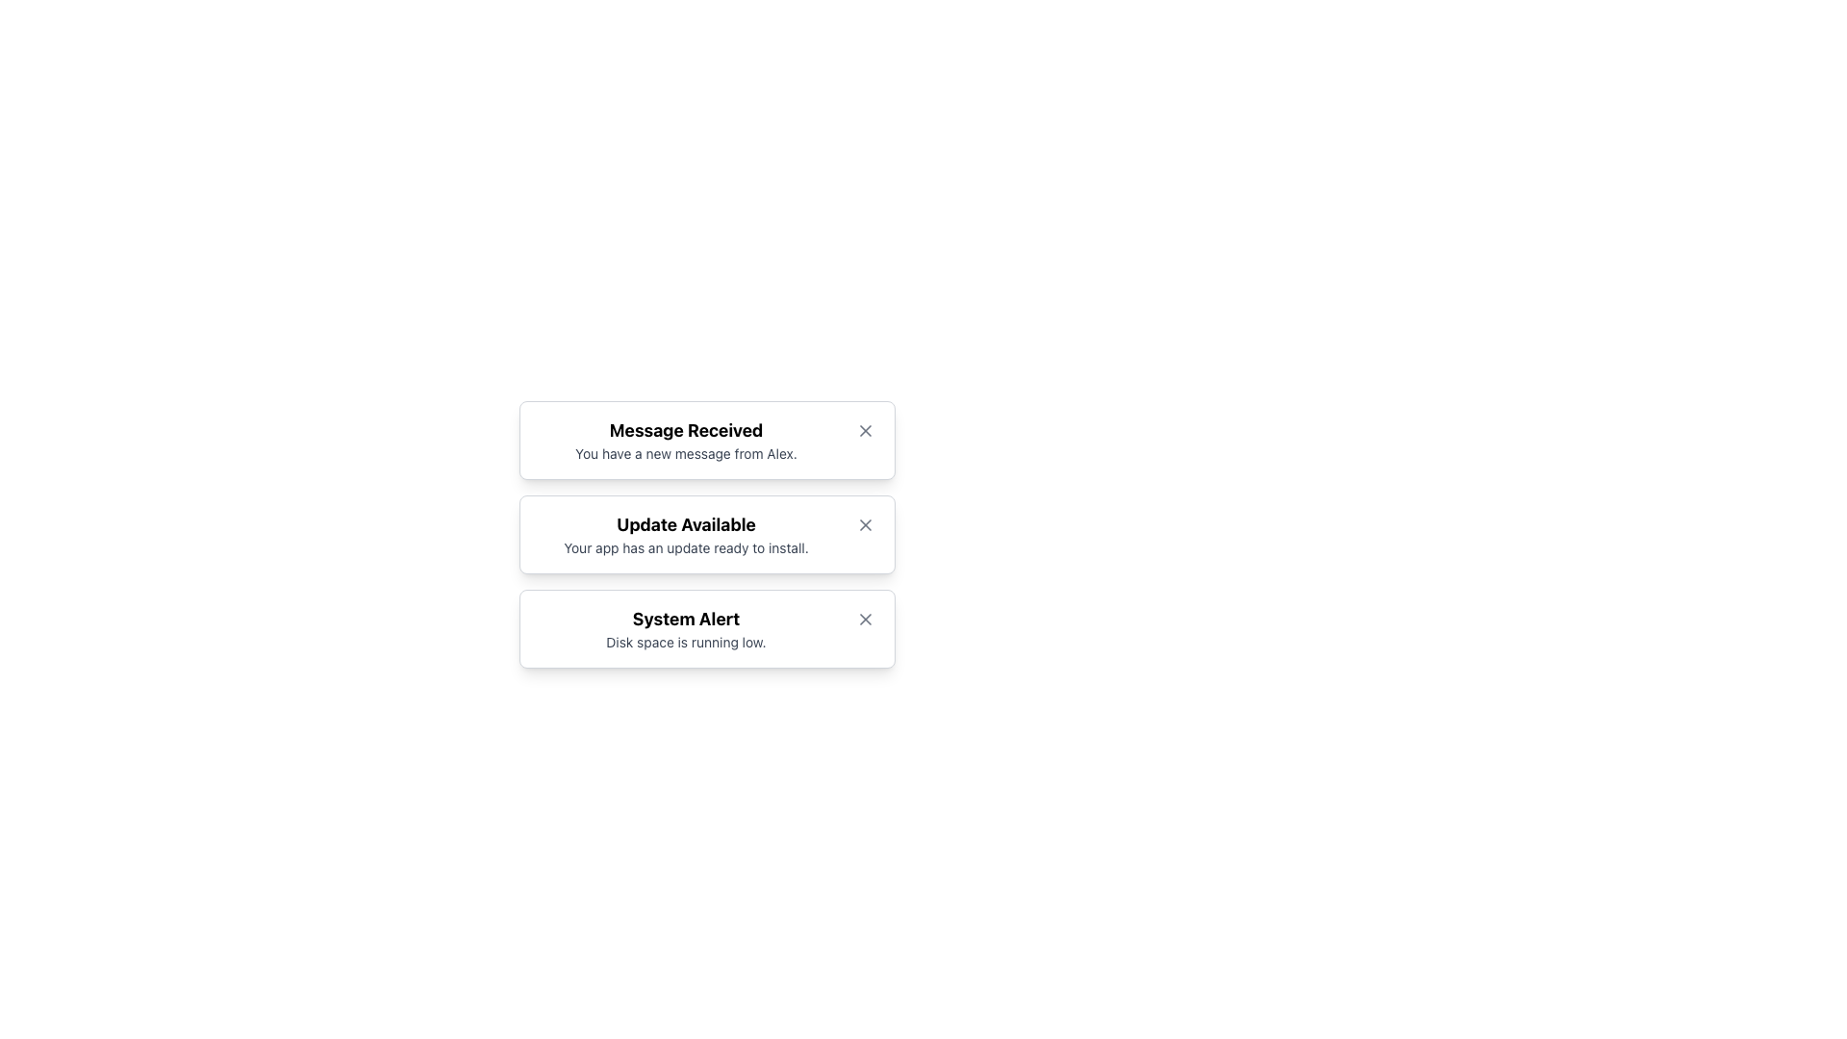 This screenshot has height=1039, width=1847. I want to click on the close button for the 'Update Available' notification, which is the middle button among three vertically stacked buttons, located at the top-right corner of its notification box, so click(865, 525).